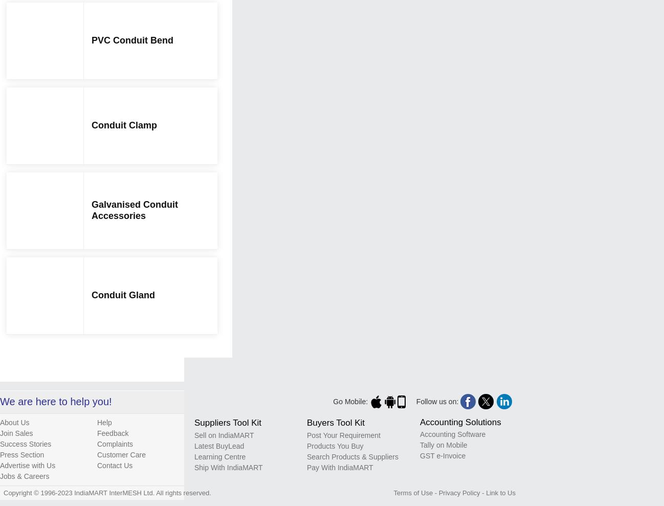 The height and width of the screenshot is (506, 664). I want to click on 'Galvanised Conduit Accessories', so click(134, 210).